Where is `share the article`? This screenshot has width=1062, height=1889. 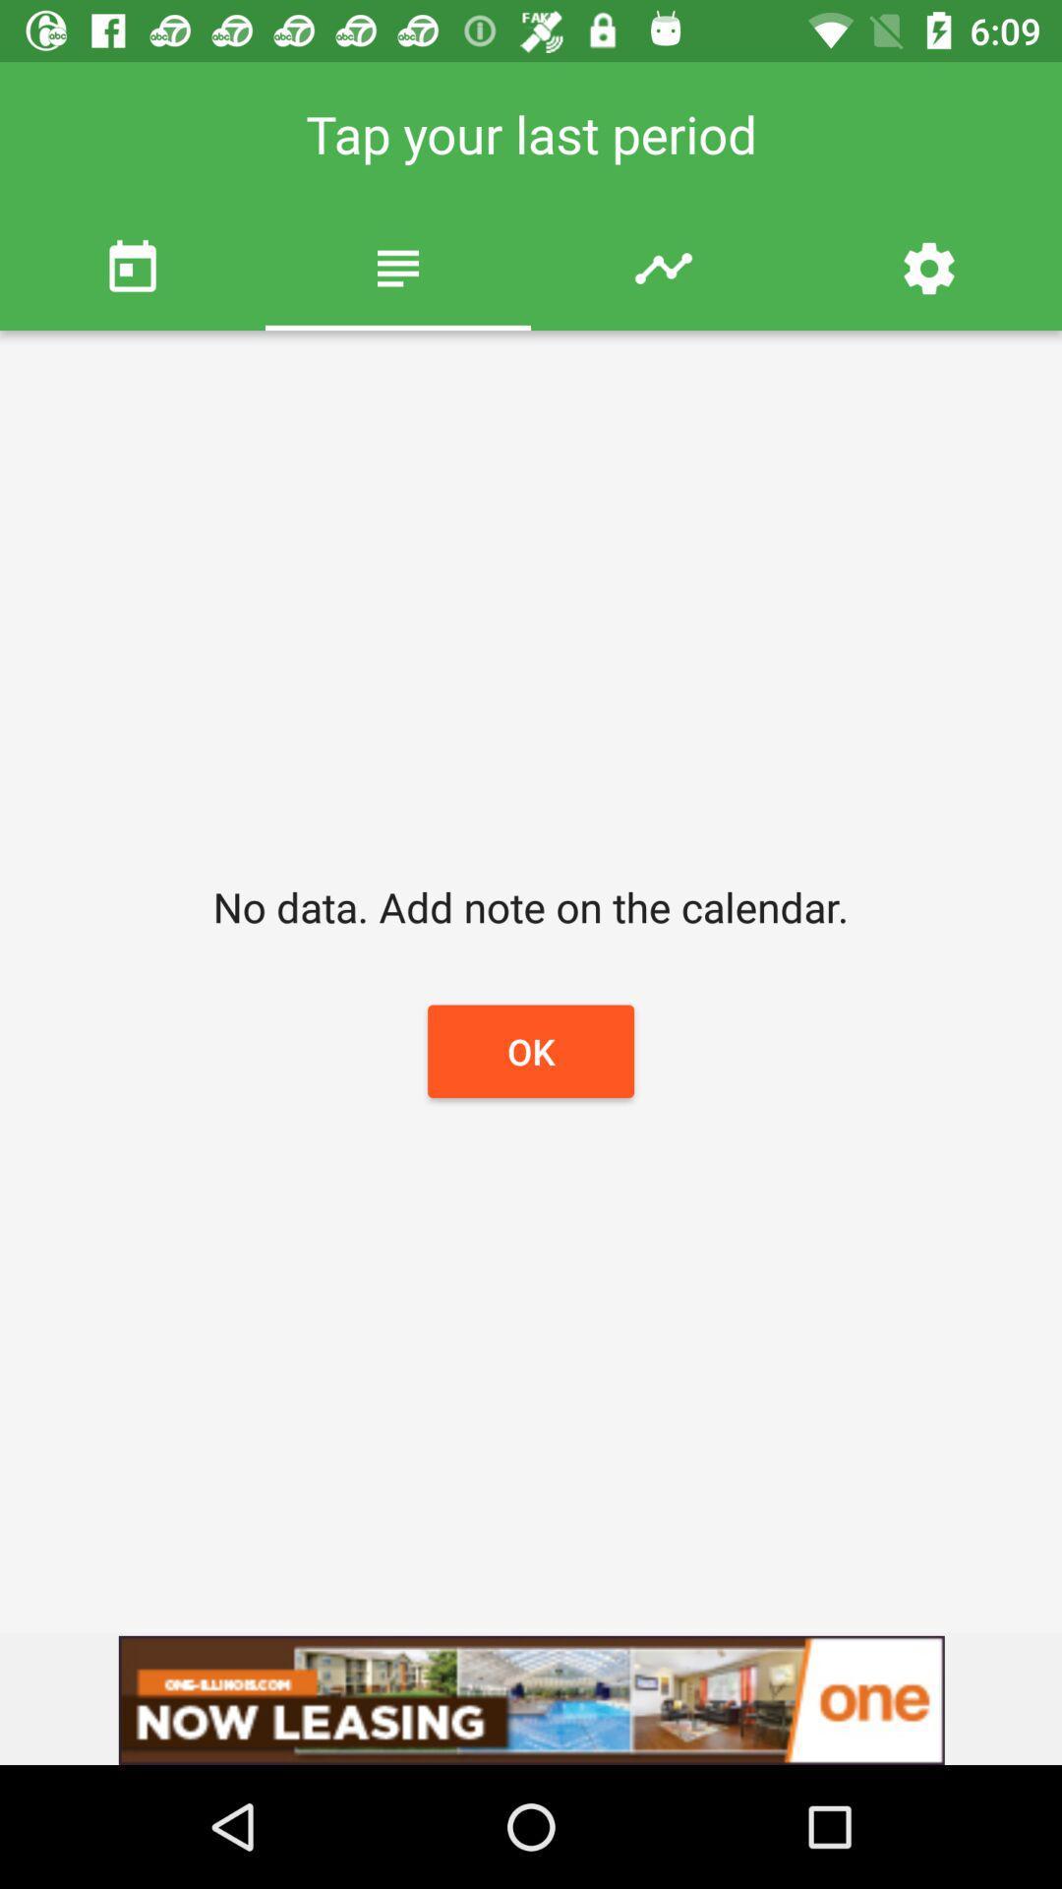 share the article is located at coordinates (531, 1699).